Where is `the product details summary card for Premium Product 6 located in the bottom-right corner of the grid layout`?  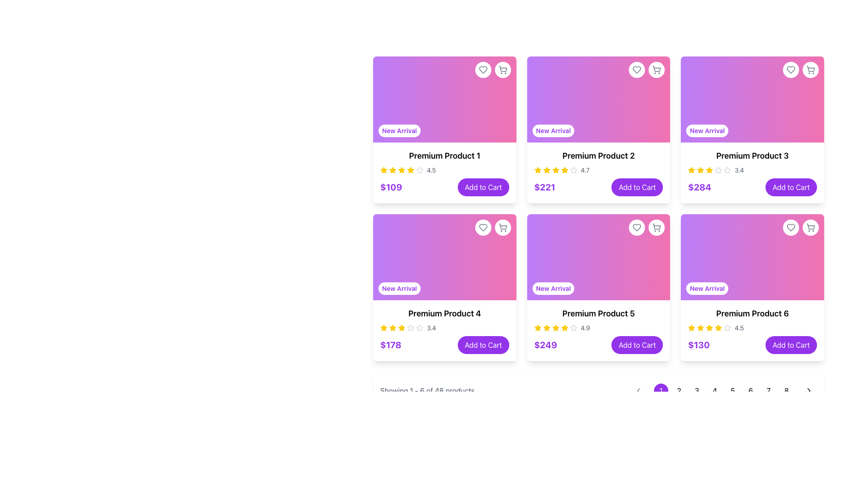
the product details summary card for Premium Product 6 located in the bottom-right corner of the grid layout is located at coordinates (752, 330).